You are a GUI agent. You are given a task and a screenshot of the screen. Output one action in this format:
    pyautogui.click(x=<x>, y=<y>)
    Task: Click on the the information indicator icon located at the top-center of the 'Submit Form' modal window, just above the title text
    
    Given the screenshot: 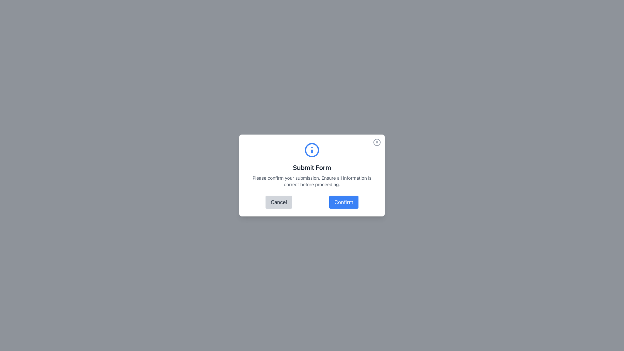 What is the action you would take?
    pyautogui.click(x=312, y=150)
    